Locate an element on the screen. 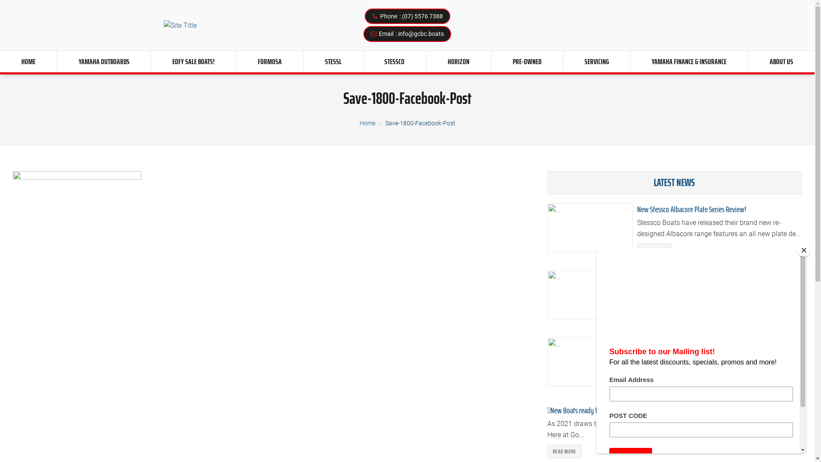 This screenshot has height=462, width=821. 'PRE-OWNED' is located at coordinates (526, 61).